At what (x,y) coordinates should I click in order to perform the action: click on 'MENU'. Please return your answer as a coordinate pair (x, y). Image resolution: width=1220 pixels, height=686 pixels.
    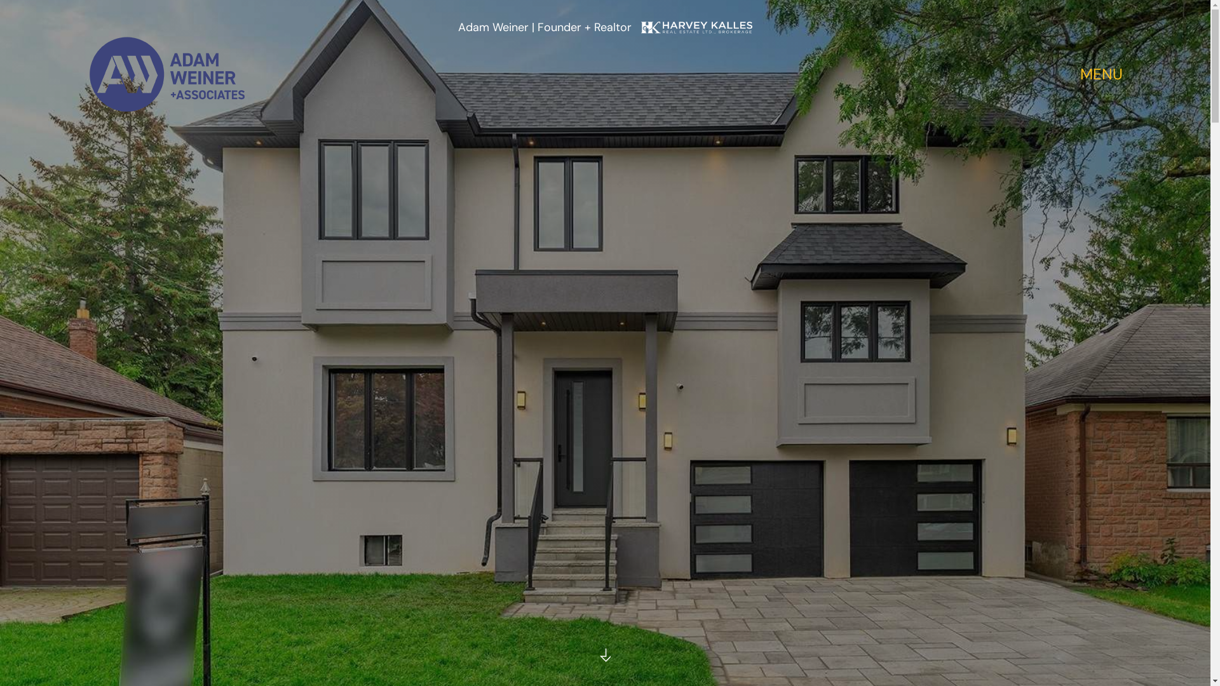
    Looking at the image, I should click on (1079, 75).